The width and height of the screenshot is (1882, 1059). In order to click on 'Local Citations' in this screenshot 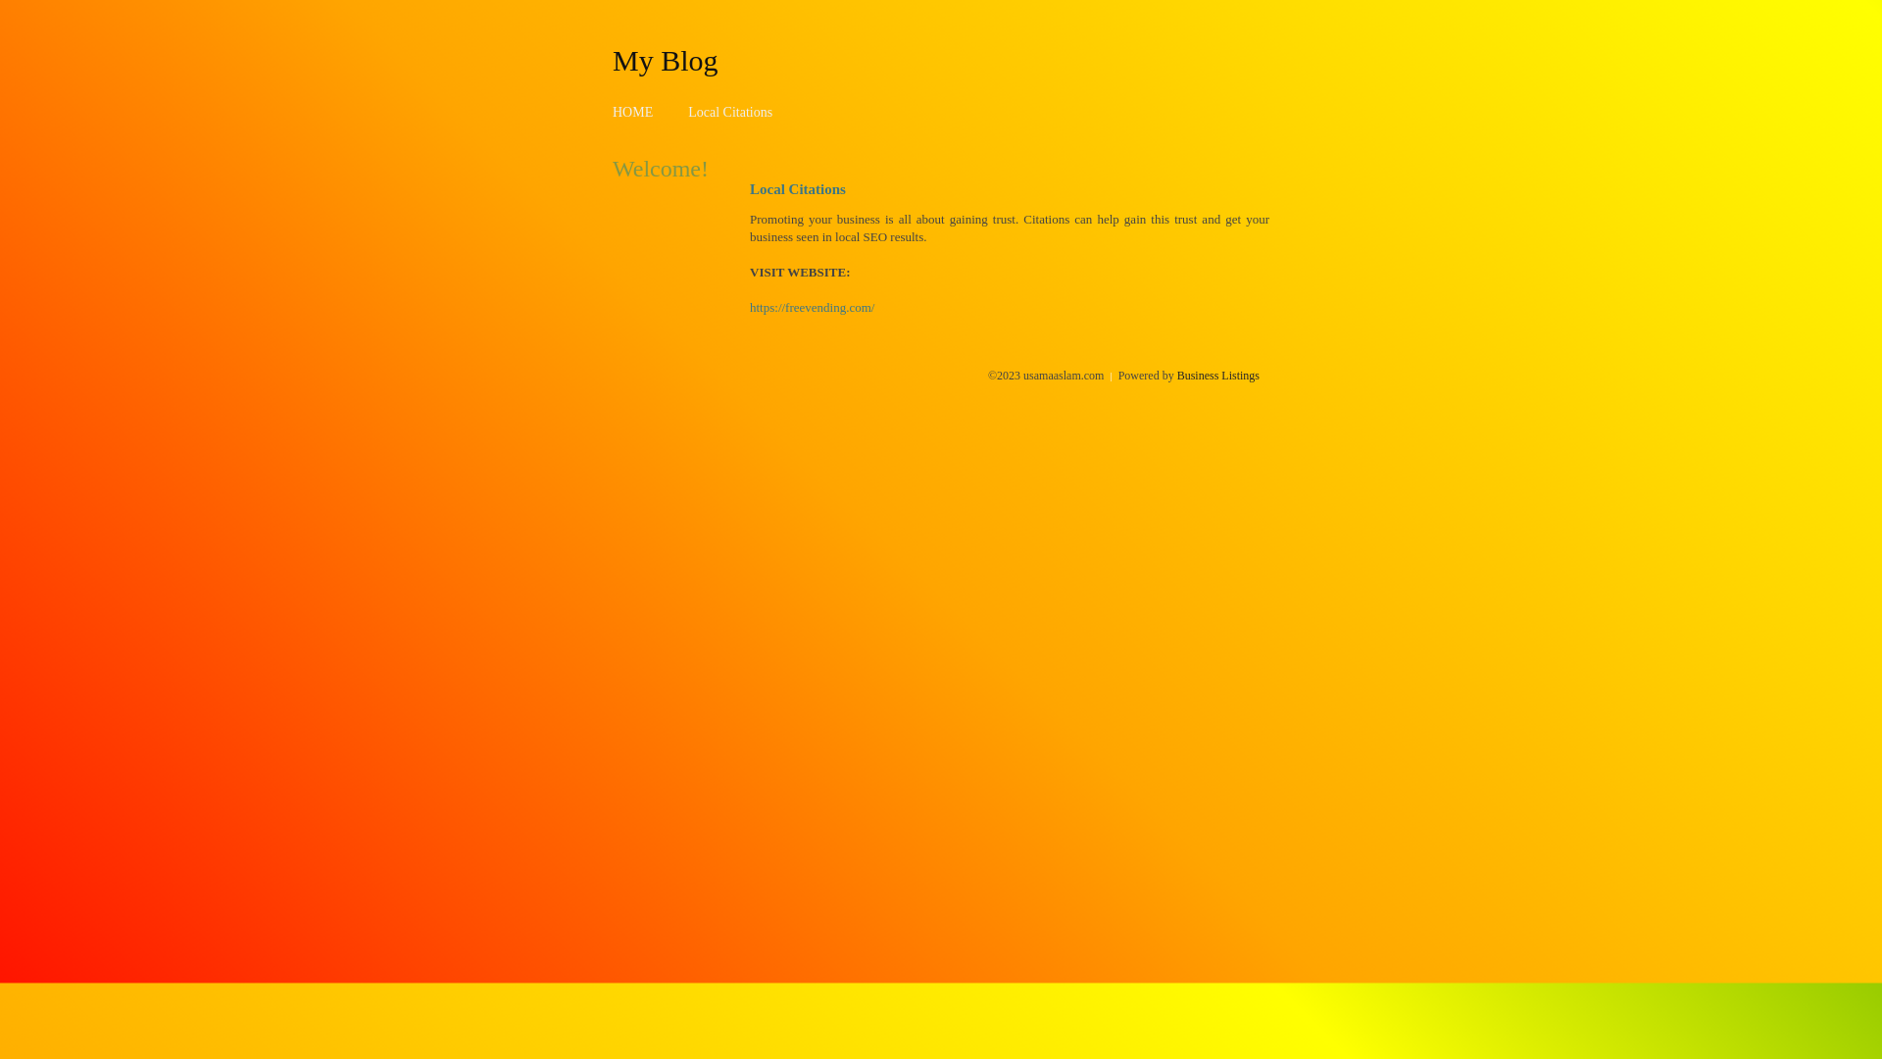, I will do `click(728, 112)`.